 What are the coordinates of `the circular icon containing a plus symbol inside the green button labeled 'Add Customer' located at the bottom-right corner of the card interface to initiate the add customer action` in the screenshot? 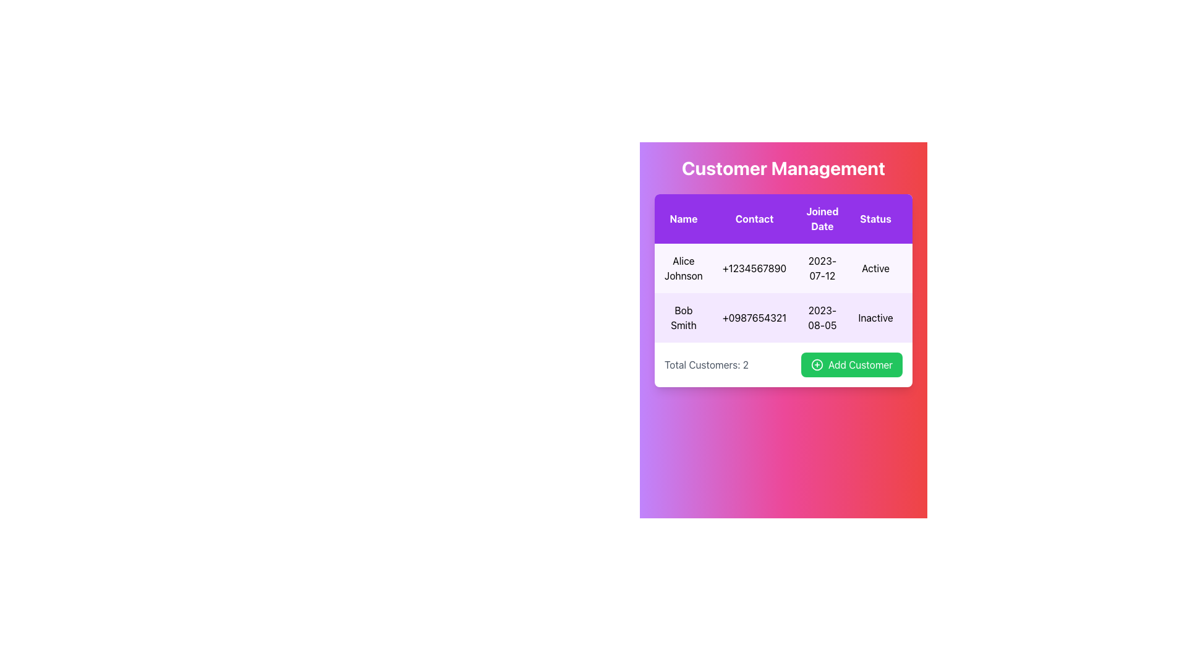 It's located at (817, 364).